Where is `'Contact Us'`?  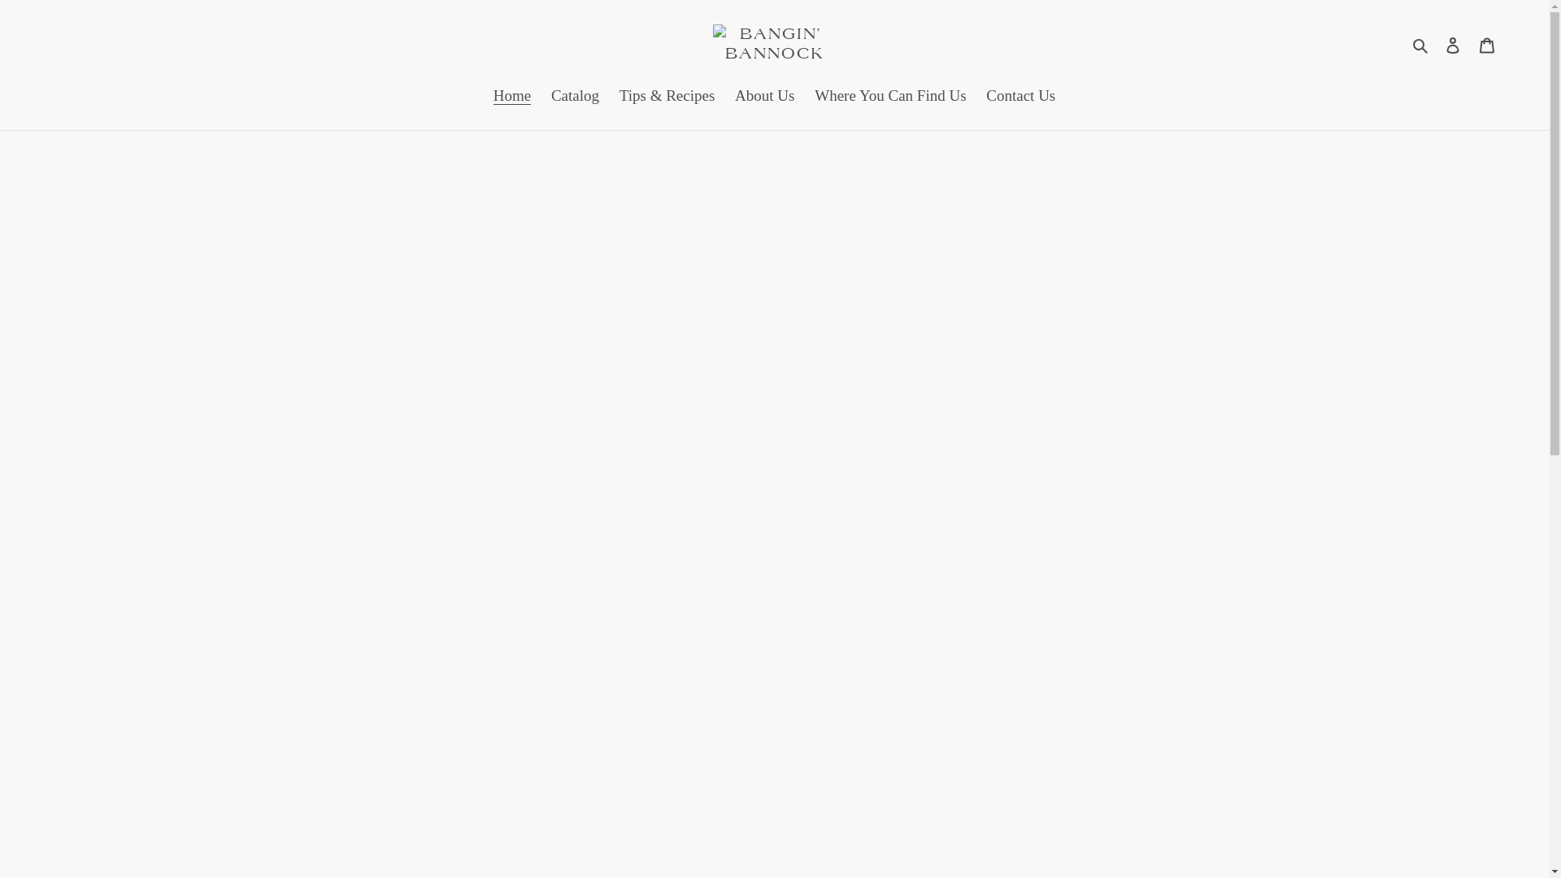 'Contact Us' is located at coordinates (1020, 97).